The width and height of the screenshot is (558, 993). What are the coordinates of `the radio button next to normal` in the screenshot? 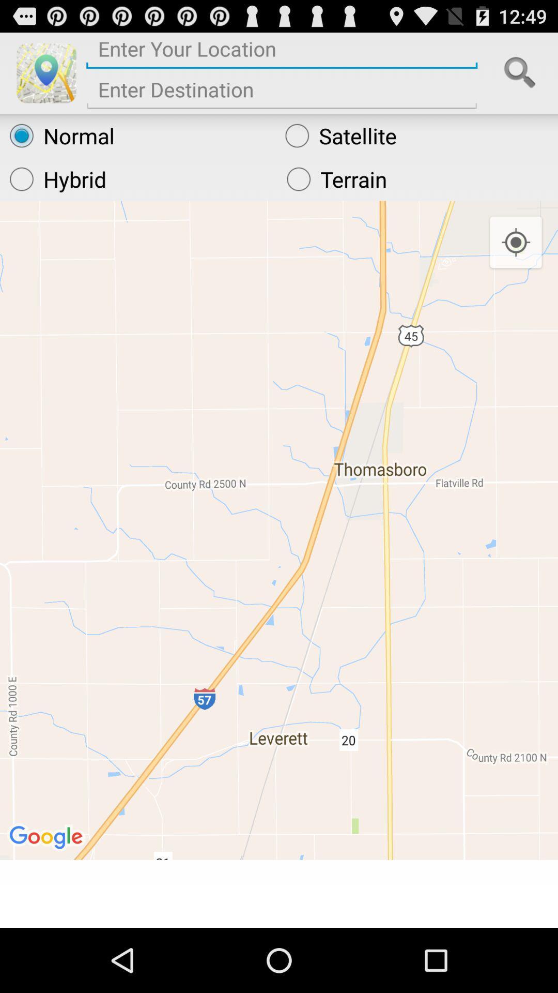 It's located at (416, 135).